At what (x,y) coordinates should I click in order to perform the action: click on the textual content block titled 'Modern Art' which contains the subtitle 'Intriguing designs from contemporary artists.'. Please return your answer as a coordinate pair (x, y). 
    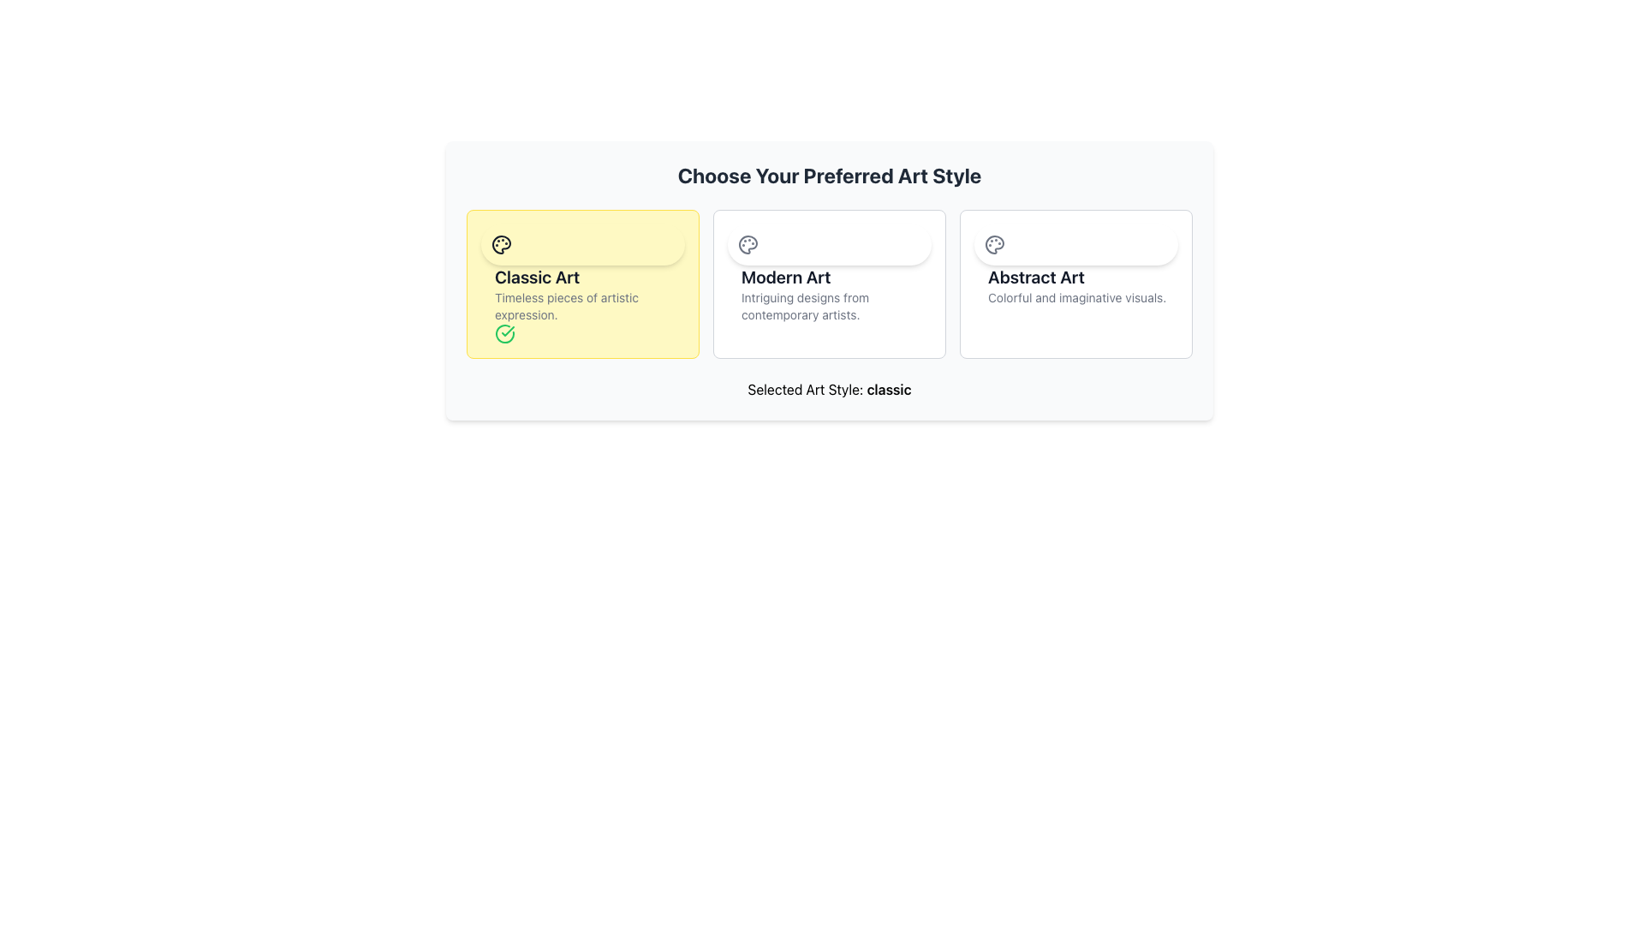
    Looking at the image, I should click on (837, 293).